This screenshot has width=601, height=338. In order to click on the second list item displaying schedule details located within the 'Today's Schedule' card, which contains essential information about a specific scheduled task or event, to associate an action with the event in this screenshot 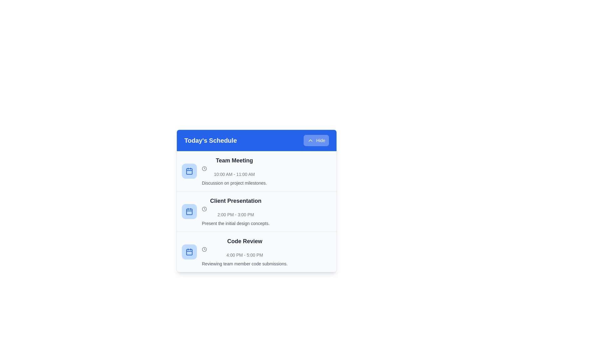, I will do `click(257, 211)`.